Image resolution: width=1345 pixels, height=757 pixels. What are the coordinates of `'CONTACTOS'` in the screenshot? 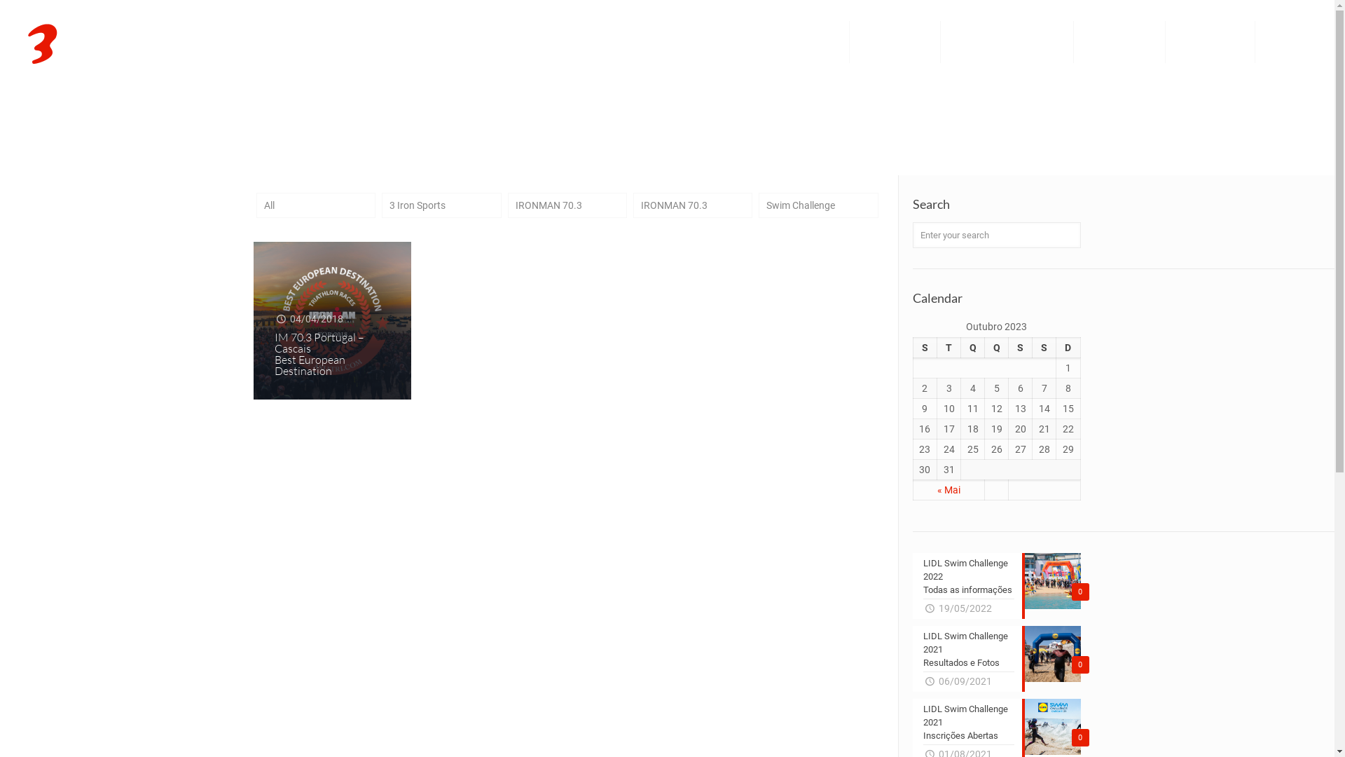 It's located at (1255, 41).